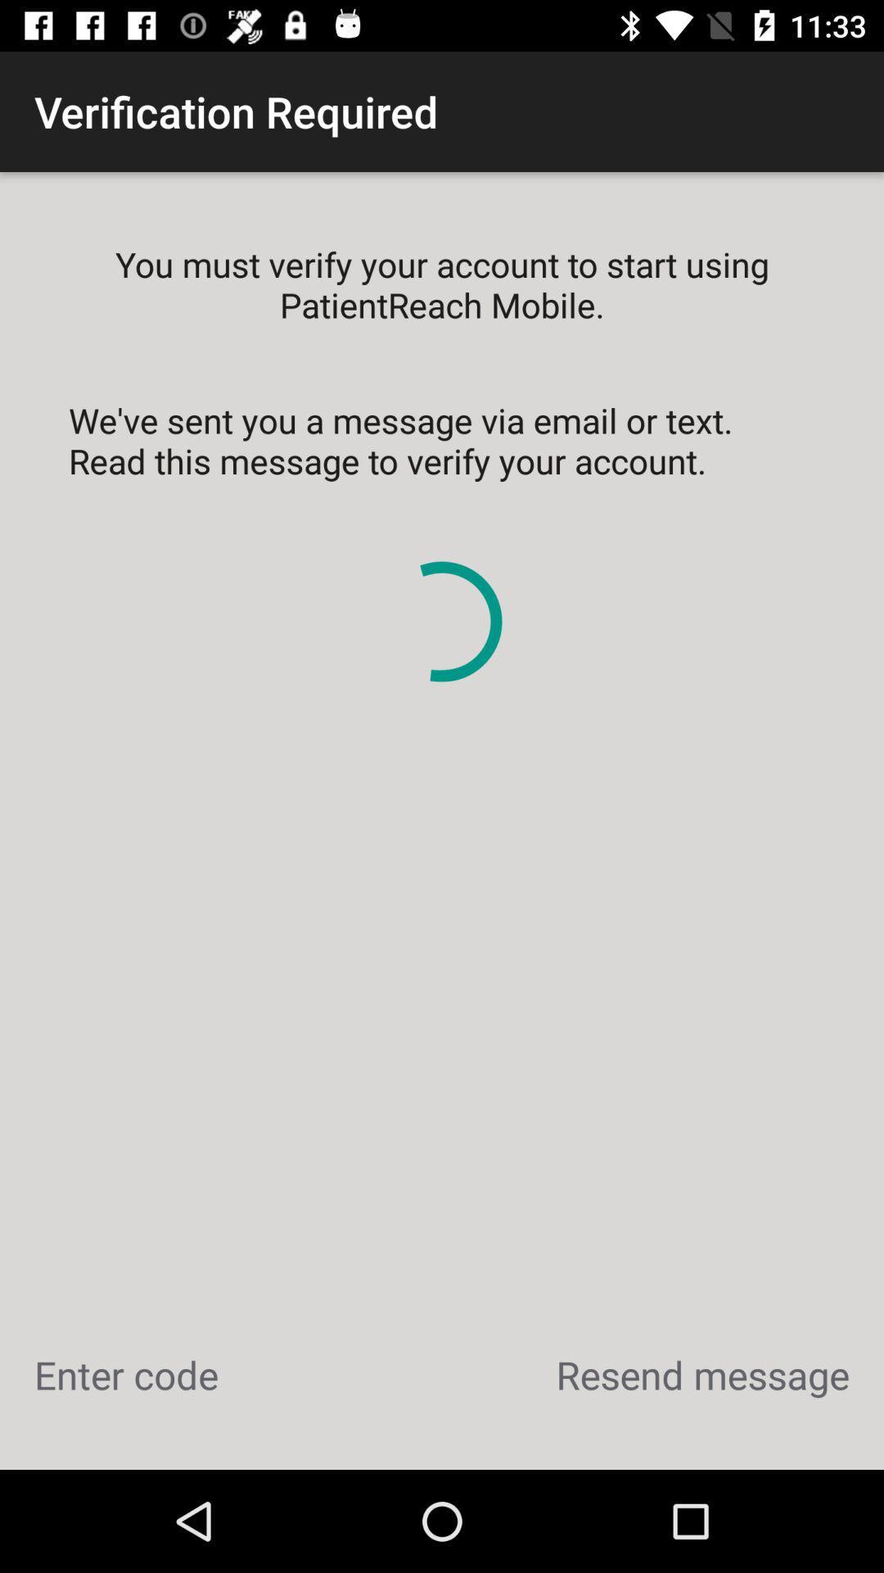 The width and height of the screenshot is (884, 1573). I want to click on the item below we ve sent item, so click(125, 1375).